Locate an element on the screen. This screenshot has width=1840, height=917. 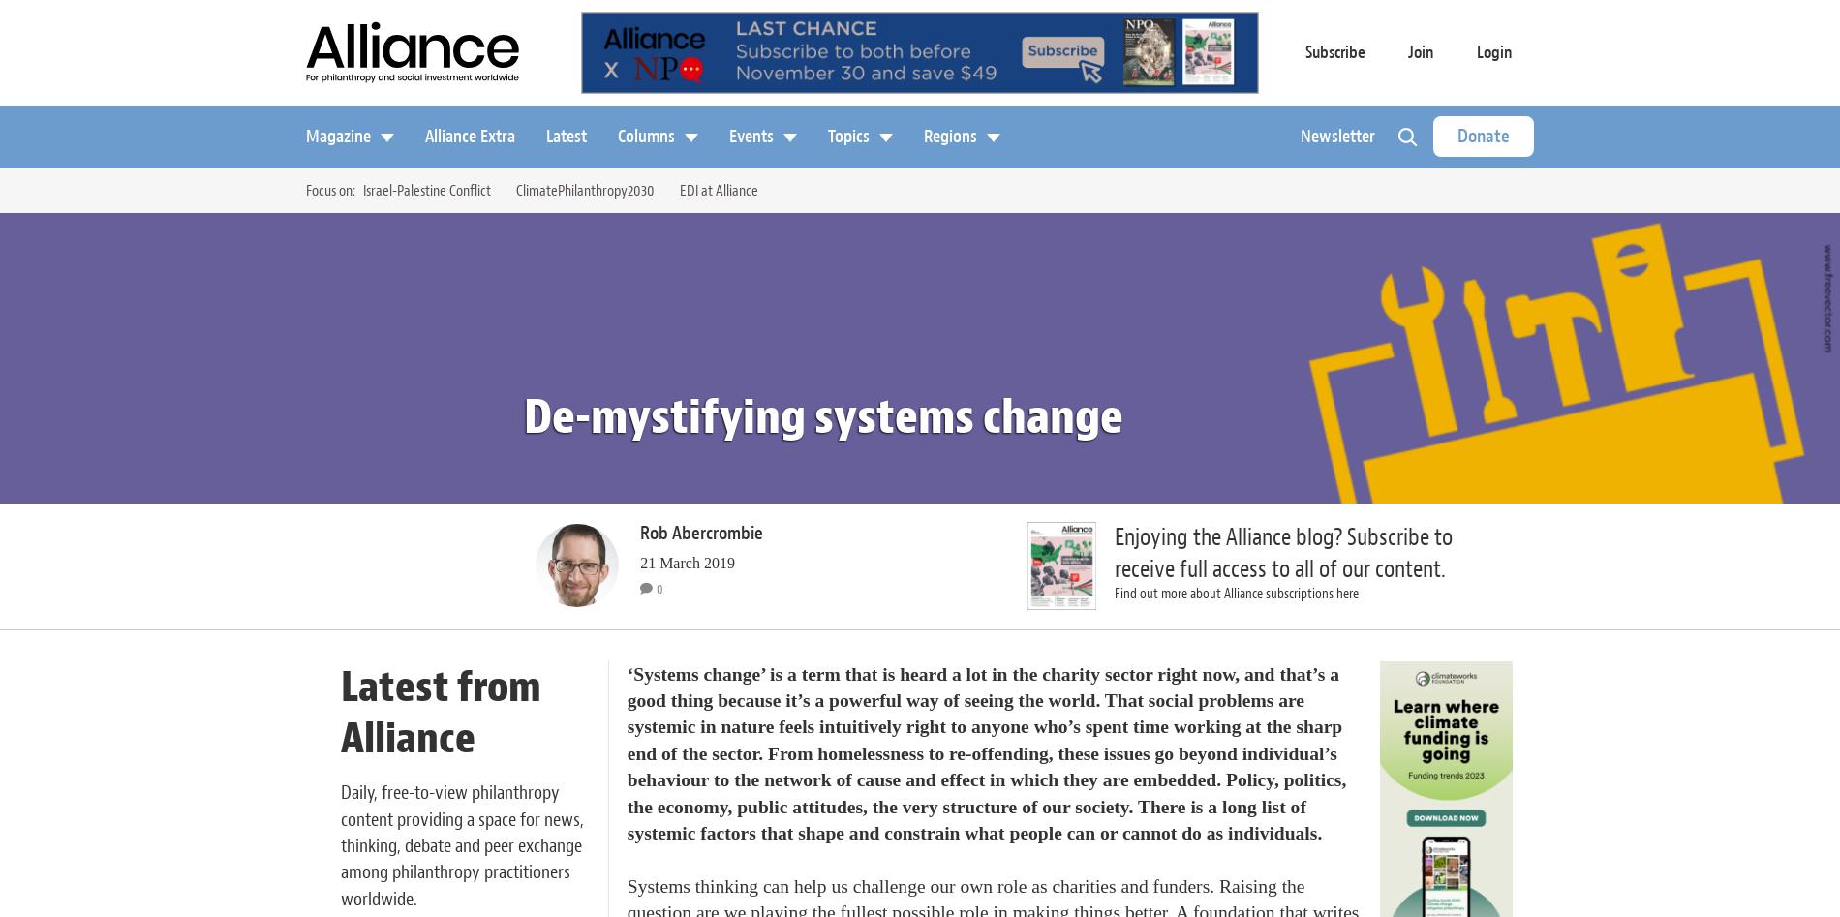
'De-mystifying systems change' is located at coordinates (822, 415).